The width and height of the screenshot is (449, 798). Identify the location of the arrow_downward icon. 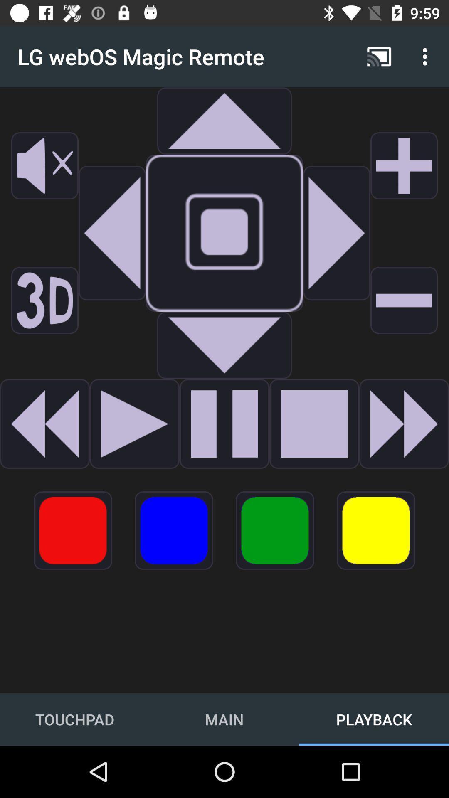
(224, 345).